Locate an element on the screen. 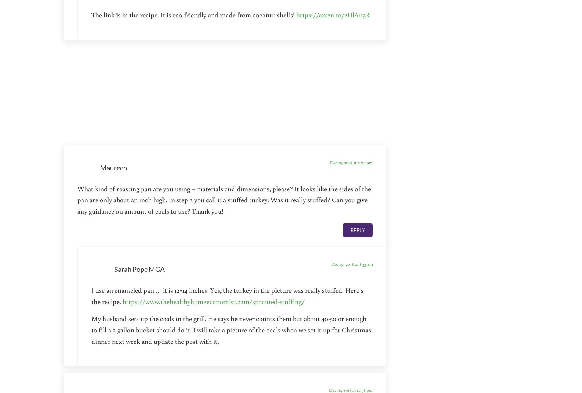 This screenshot has width=582, height=393. 'I use an enameled pan … it is 12×14 inches. Yes, the turkey in the picture was really stuffed. Here’s the recipe.' is located at coordinates (227, 295).